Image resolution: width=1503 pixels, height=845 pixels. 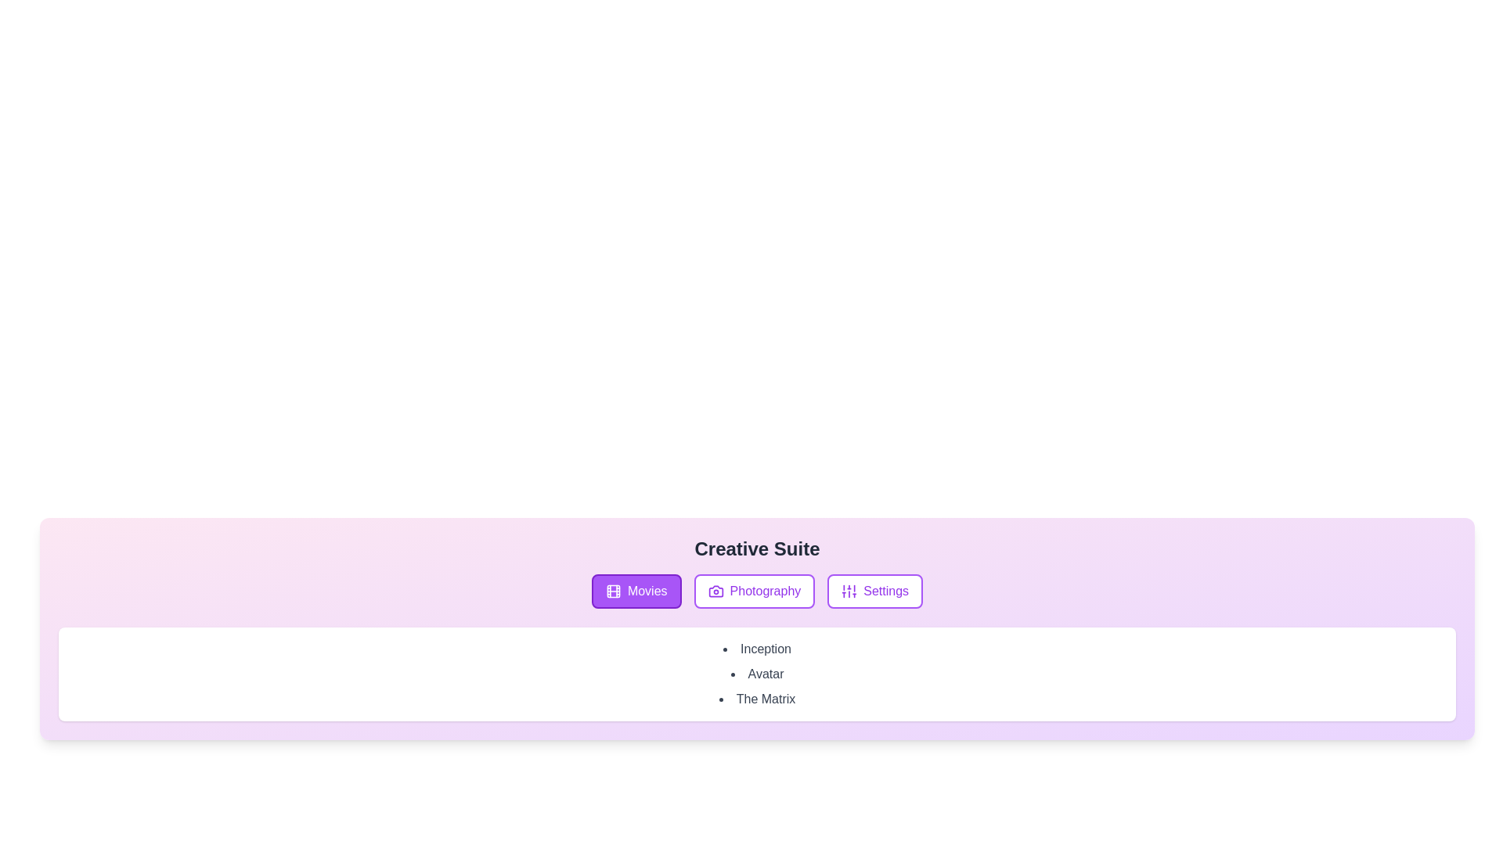 I want to click on the camera icon within the 'Photography' button, so click(x=715, y=591).